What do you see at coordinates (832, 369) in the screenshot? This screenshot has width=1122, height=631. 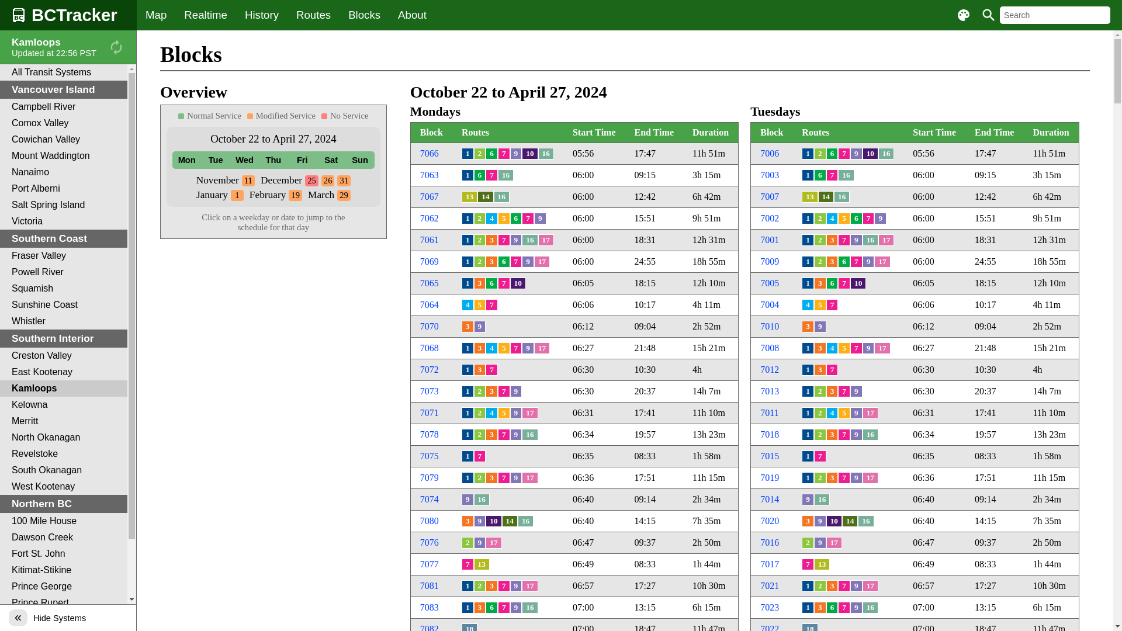 I see `'7'` at bounding box center [832, 369].